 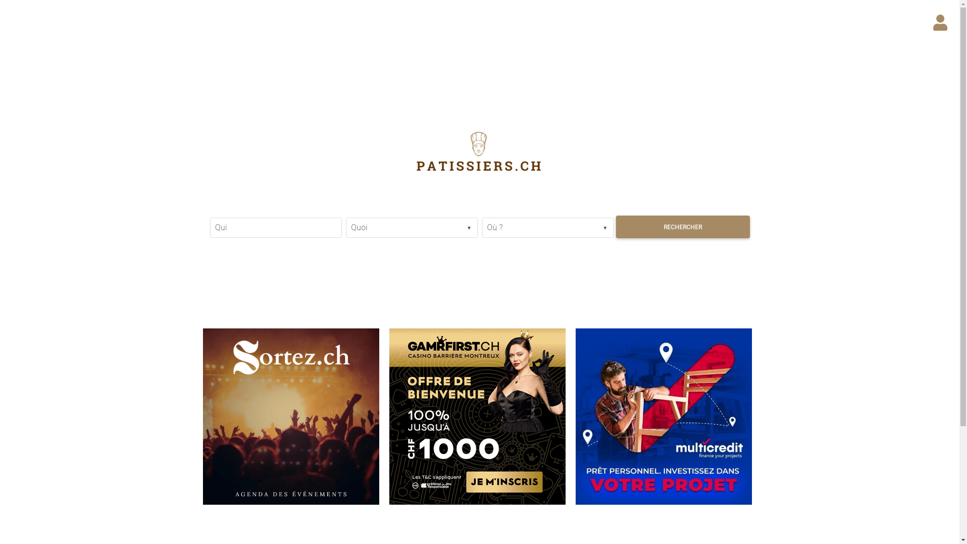 I want to click on 'RECHERCHER', so click(x=682, y=227).